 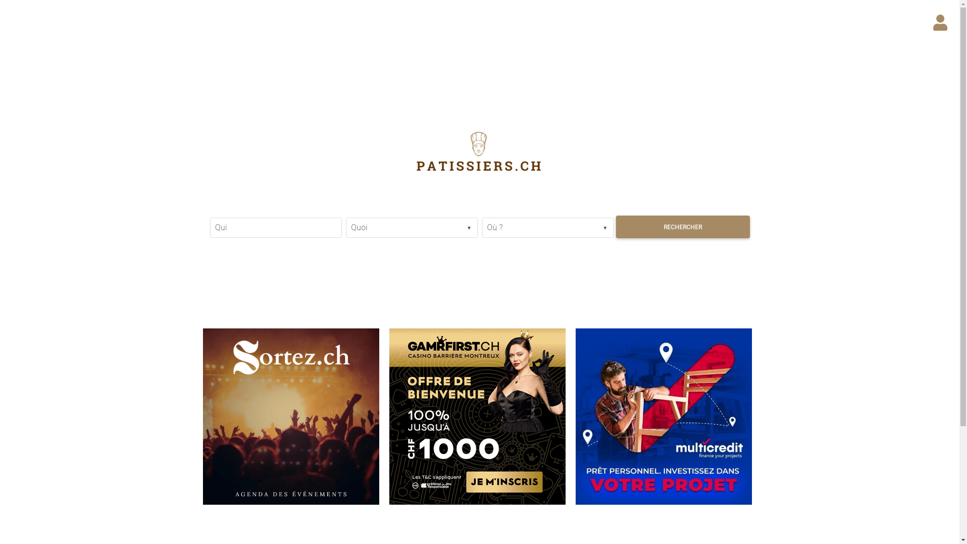 I want to click on 'RECHERCHER', so click(x=682, y=227).